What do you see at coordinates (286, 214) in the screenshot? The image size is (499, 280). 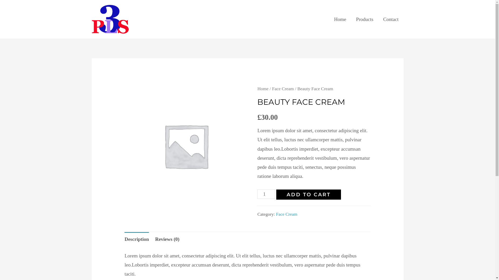 I see `'Face Cream'` at bounding box center [286, 214].